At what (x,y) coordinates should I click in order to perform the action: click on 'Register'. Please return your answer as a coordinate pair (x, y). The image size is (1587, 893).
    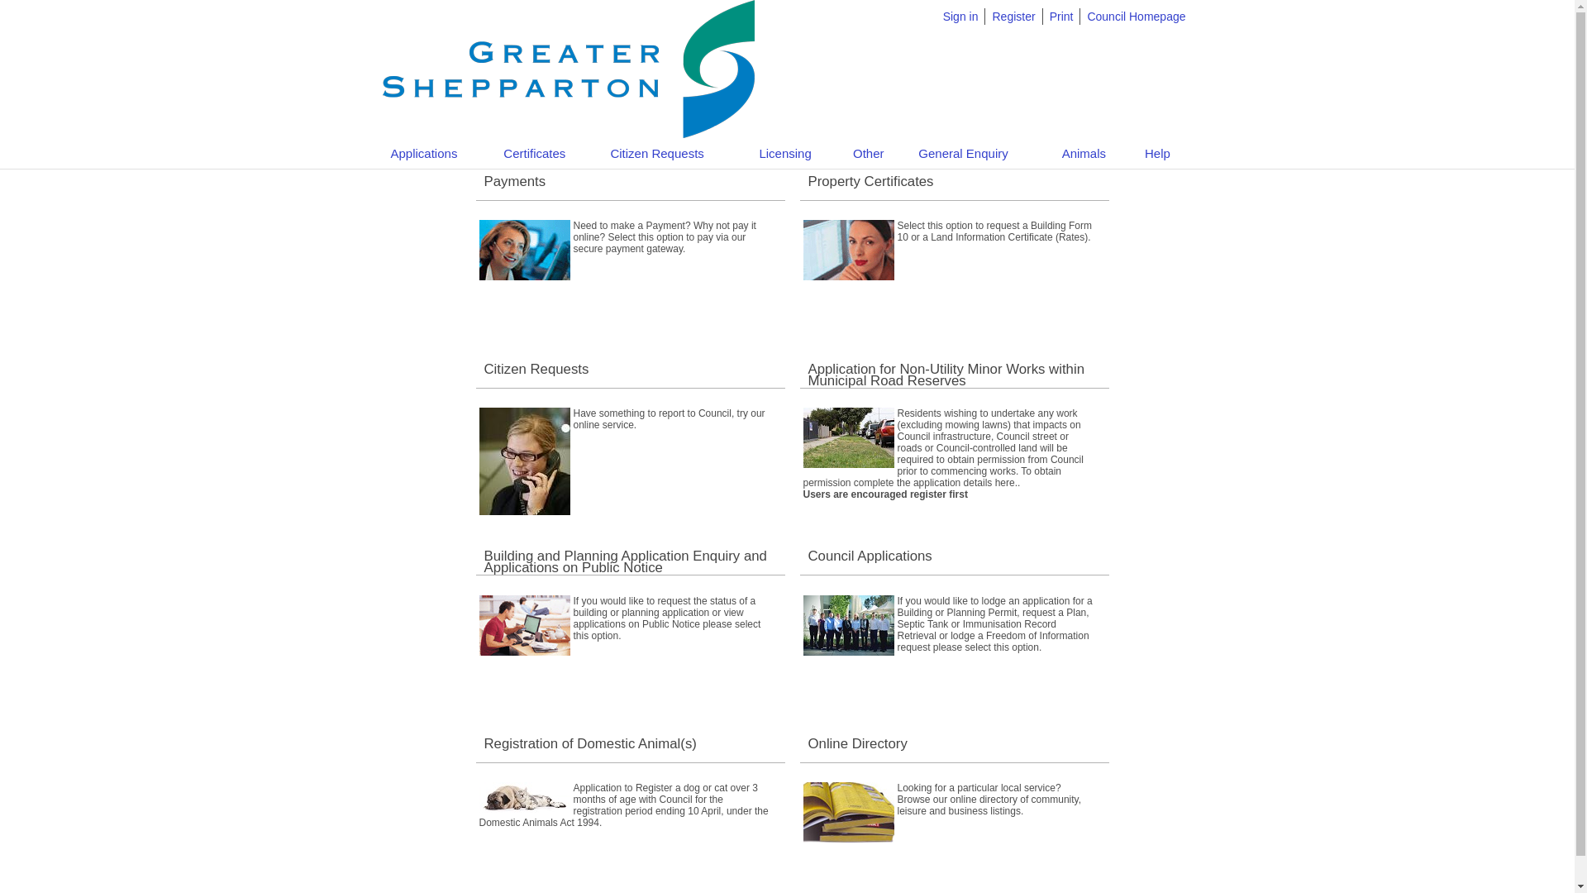
    Looking at the image, I should click on (1012, 16).